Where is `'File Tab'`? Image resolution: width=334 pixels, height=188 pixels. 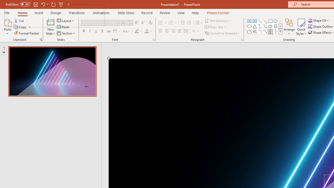 'File Tab' is located at coordinates (7, 12).